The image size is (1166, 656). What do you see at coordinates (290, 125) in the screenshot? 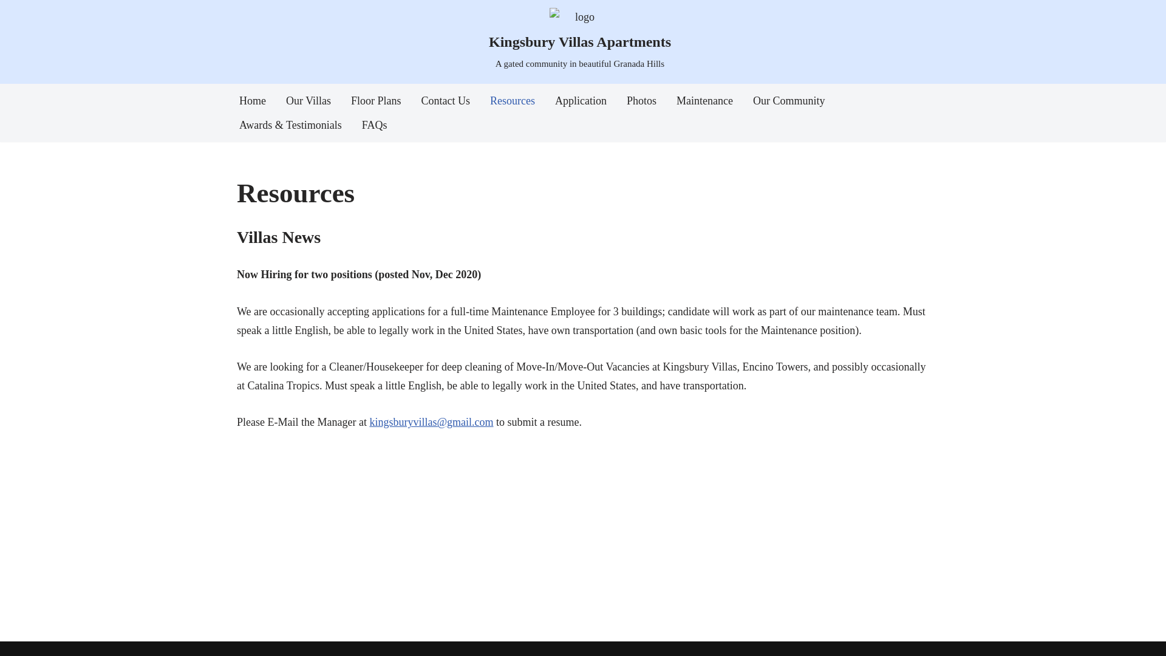
I see `'Awards & Testimonials'` at bounding box center [290, 125].